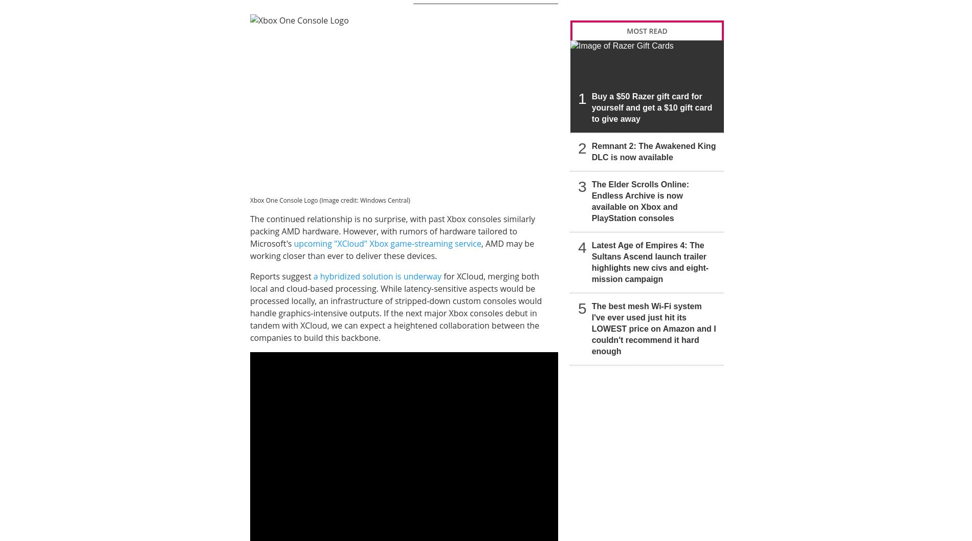 Image resolution: width=972 pixels, height=541 pixels. Describe the element at coordinates (646, 31) in the screenshot. I see `'MOST READ'` at that location.